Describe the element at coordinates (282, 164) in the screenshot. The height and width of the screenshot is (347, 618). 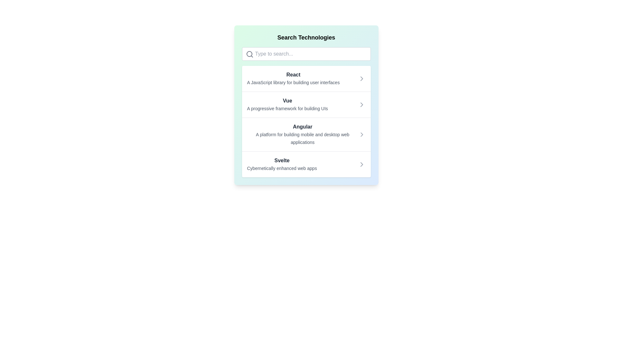
I see `the list item labeled 'Svelte' which describes 'Cybernetically enhanced web apps'` at that location.